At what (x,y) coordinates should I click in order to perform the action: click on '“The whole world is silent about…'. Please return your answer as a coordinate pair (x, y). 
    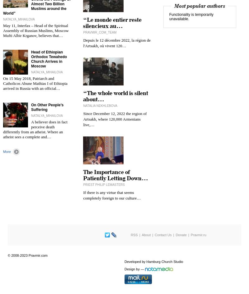
    Looking at the image, I should click on (82, 96).